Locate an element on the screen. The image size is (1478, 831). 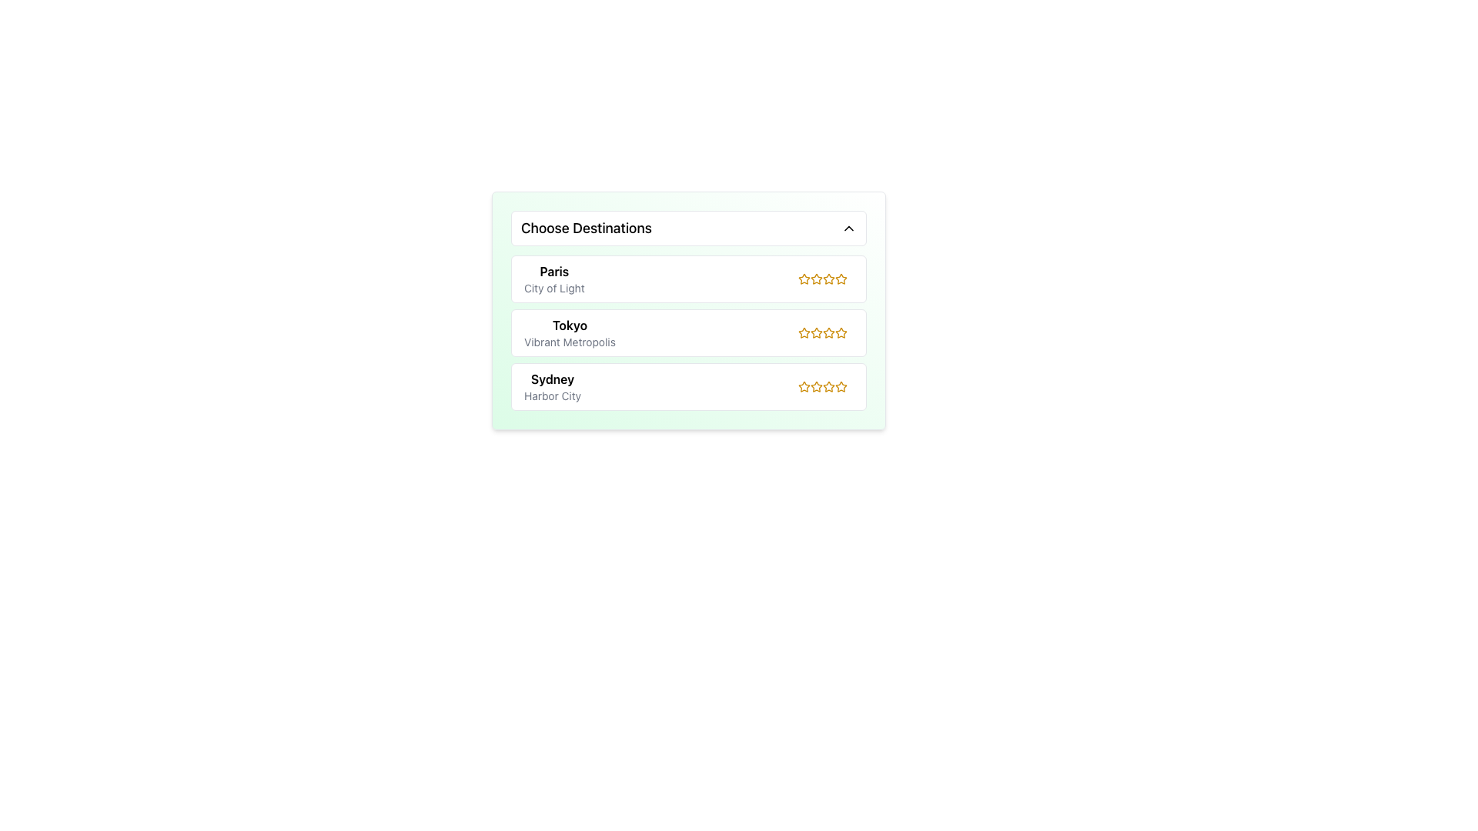
the fourth star in the rating component for the 'Tokyo' destination is located at coordinates (828, 332).